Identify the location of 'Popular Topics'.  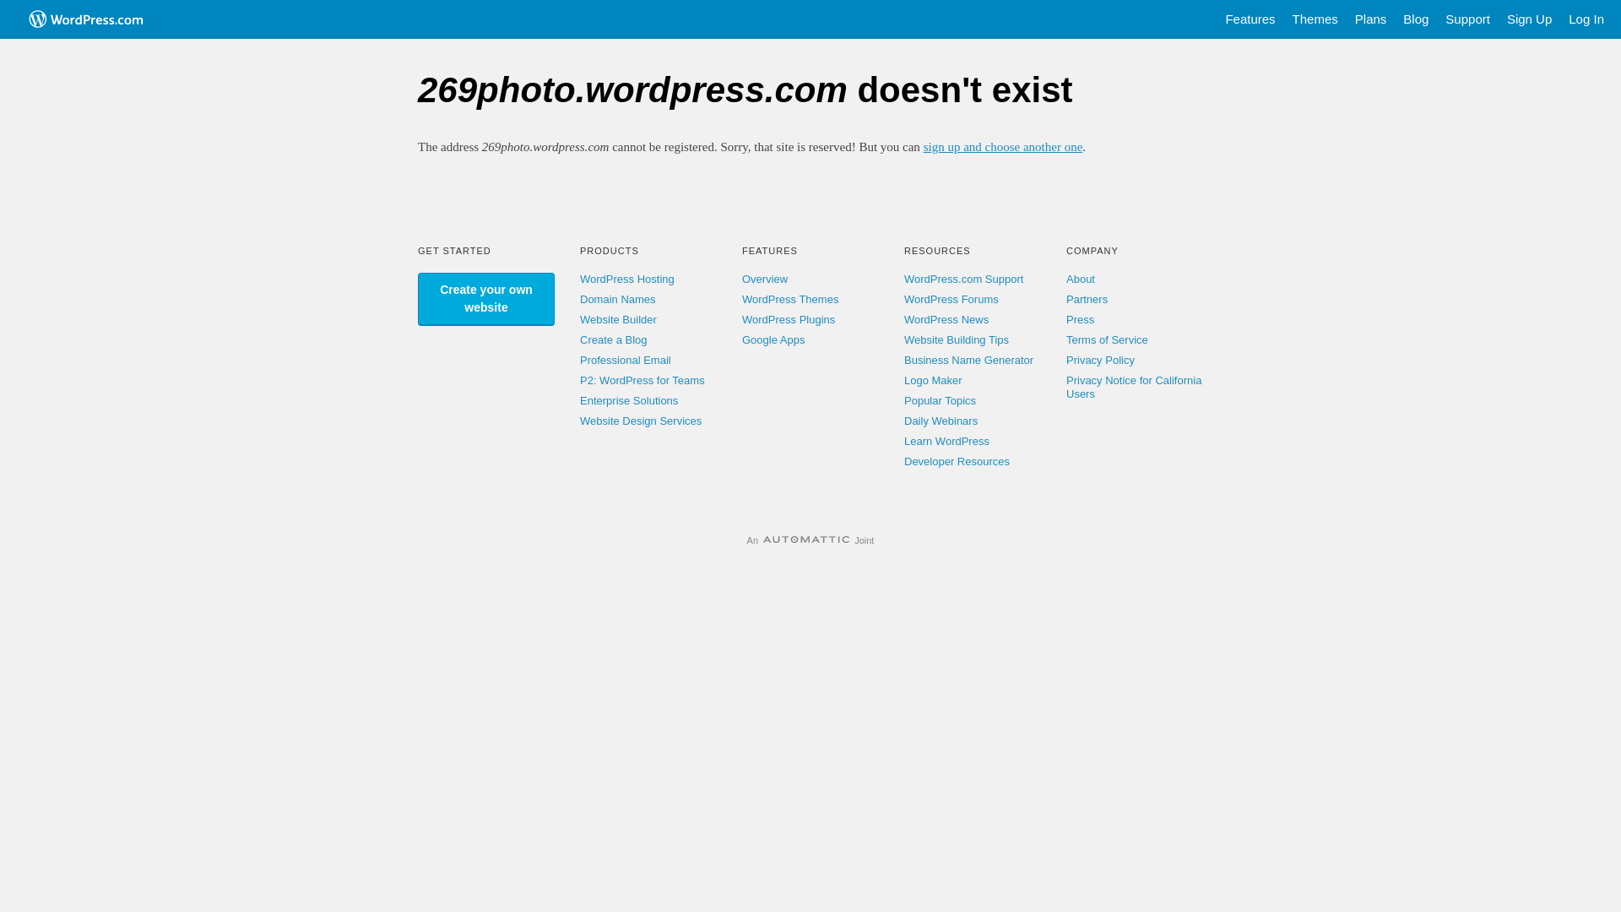
(903, 400).